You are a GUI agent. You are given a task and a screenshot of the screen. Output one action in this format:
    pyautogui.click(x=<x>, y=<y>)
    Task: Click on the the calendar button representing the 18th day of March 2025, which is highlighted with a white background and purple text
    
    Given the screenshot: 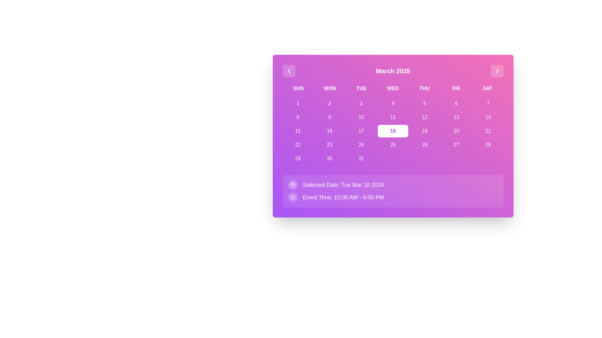 What is the action you would take?
    pyautogui.click(x=393, y=131)
    